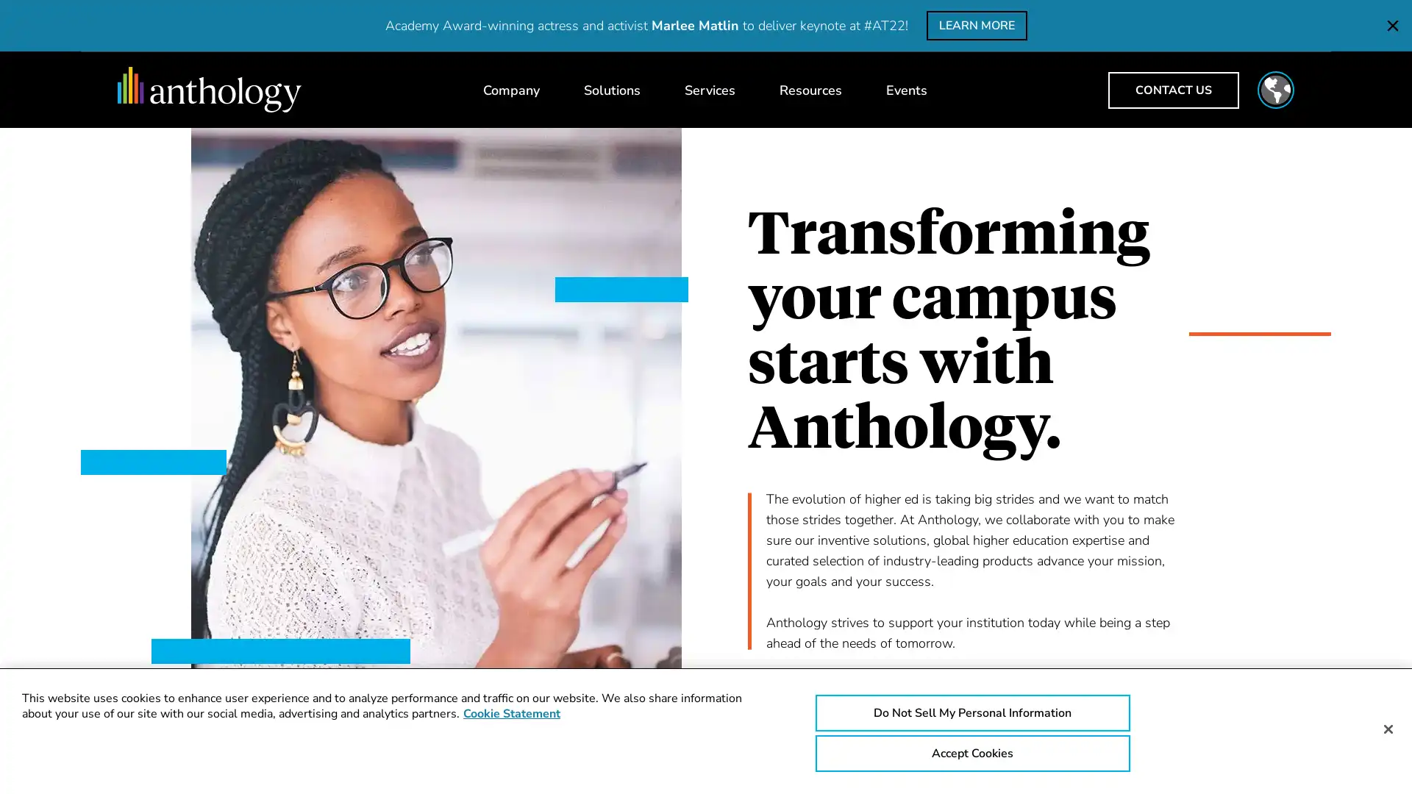  Describe the element at coordinates (1200, 34) in the screenshot. I see `CLOSE` at that location.